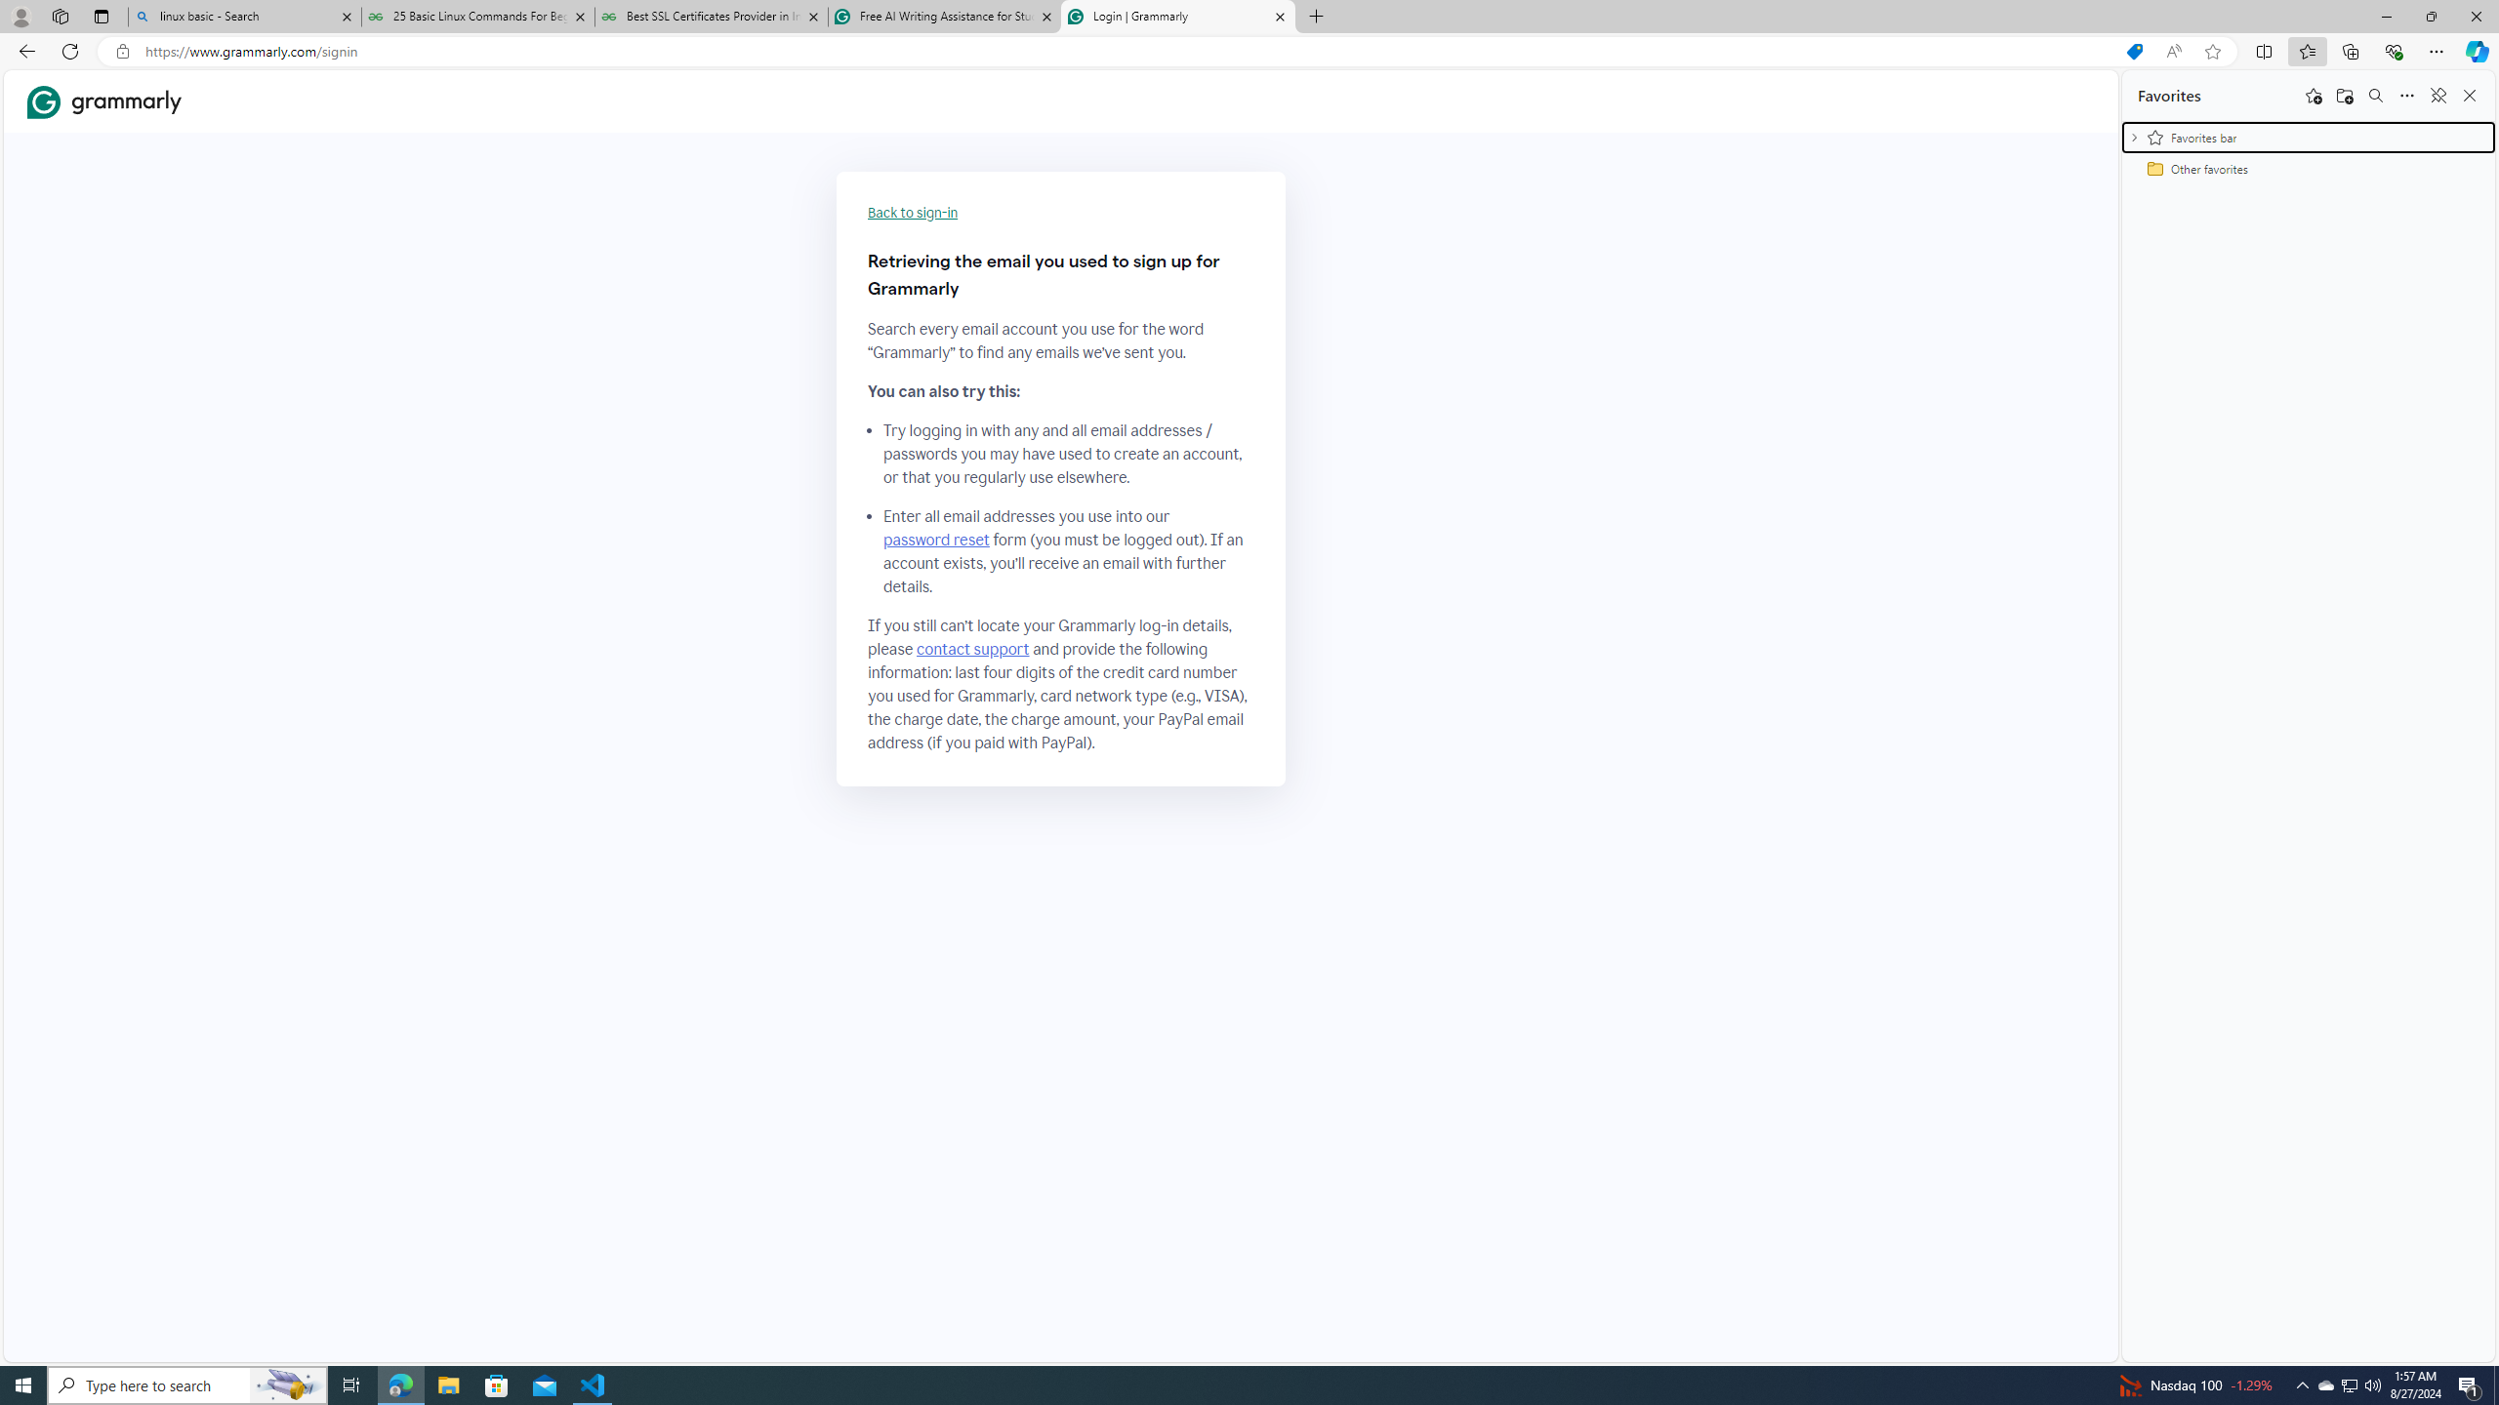  Describe the element at coordinates (103, 101) in the screenshot. I see `'Grammarly Home'` at that location.